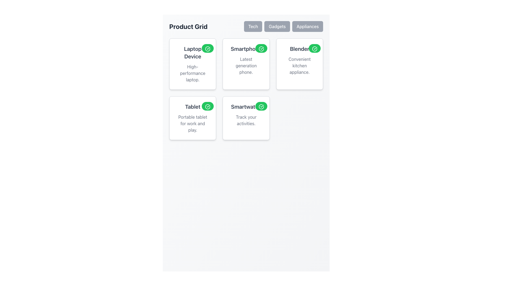  Describe the element at coordinates (246, 89) in the screenshot. I see `the smartphone card, which is the second card in the first row of the product grid` at that location.